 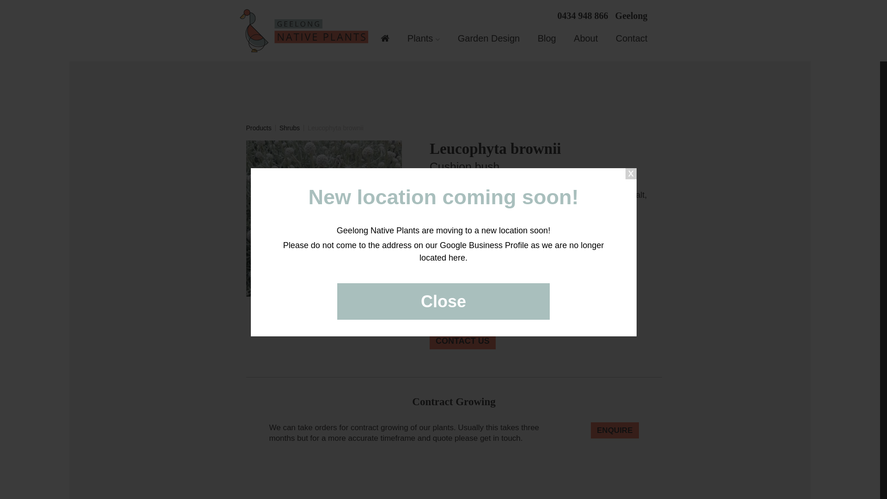 What do you see at coordinates (631, 38) in the screenshot?
I see `'Contact'` at bounding box center [631, 38].